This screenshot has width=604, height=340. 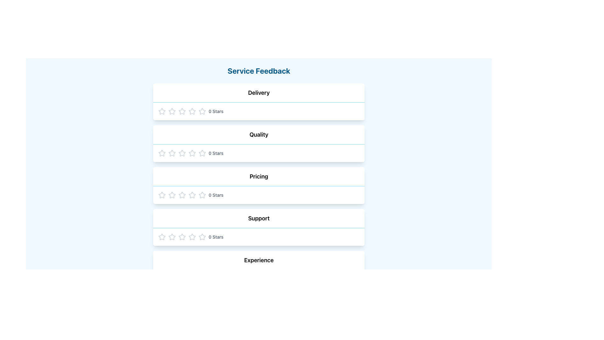 I want to click on the third star icon in the horizontal row of five for selecting a quality rating in the Quality feedback category, so click(x=202, y=153).